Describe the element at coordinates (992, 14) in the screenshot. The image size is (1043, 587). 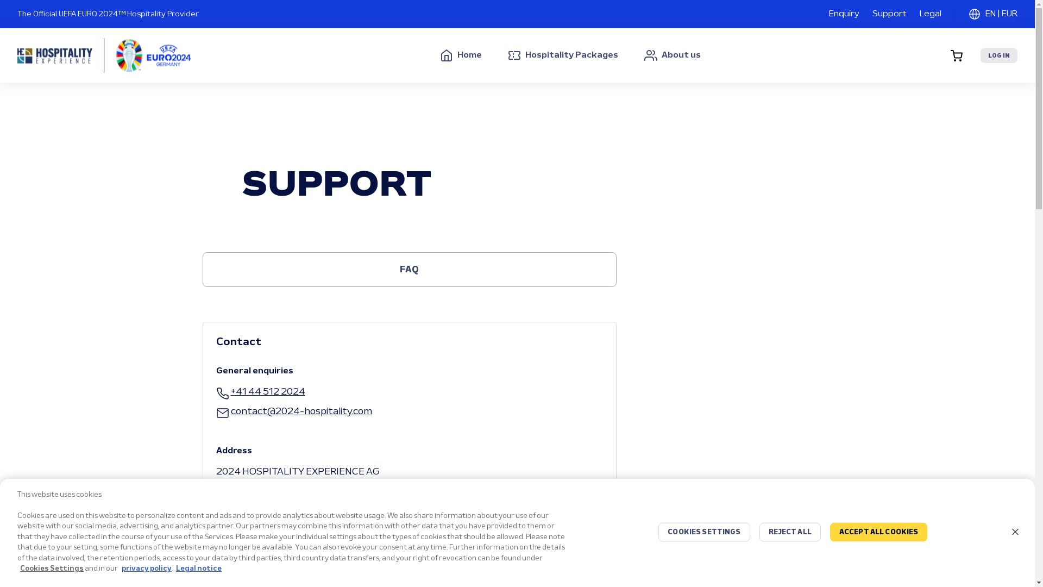
I see `'EN | EUR'` at that location.